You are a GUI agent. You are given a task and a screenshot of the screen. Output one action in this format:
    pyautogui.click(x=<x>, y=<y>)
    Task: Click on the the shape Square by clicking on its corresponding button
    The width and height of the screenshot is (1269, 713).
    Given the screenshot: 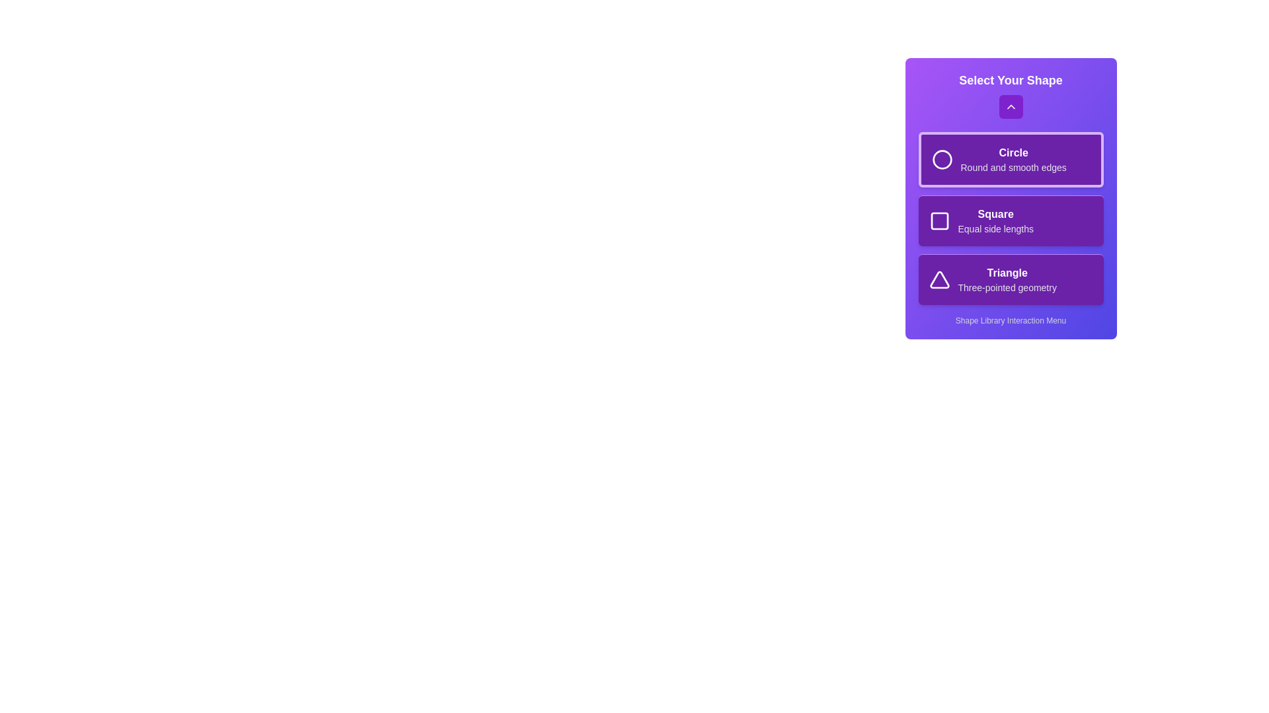 What is the action you would take?
    pyautogui.click(x=1010, y=220)
    